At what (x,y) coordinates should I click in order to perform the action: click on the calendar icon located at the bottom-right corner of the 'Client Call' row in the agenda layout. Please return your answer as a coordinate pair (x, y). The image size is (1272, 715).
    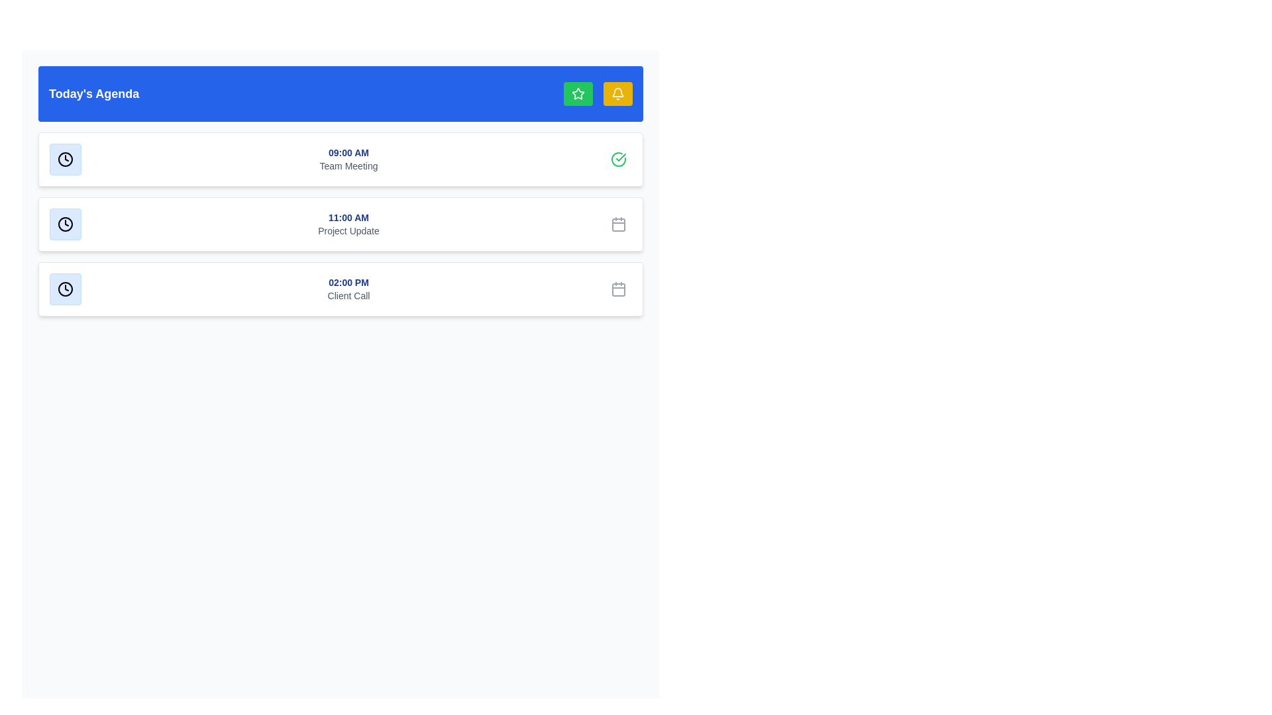
    Looking at the image, I should click on (618, 289).